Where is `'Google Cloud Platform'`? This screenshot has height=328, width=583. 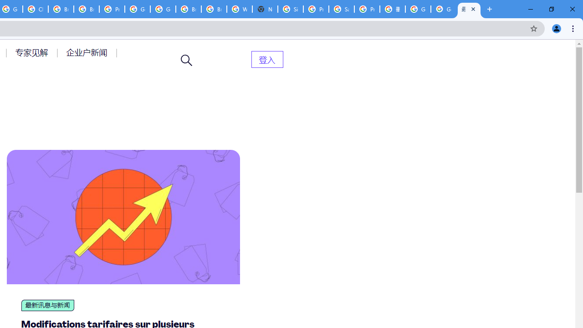 'Google Cloud Platform' is located at coordinates (137, 9).